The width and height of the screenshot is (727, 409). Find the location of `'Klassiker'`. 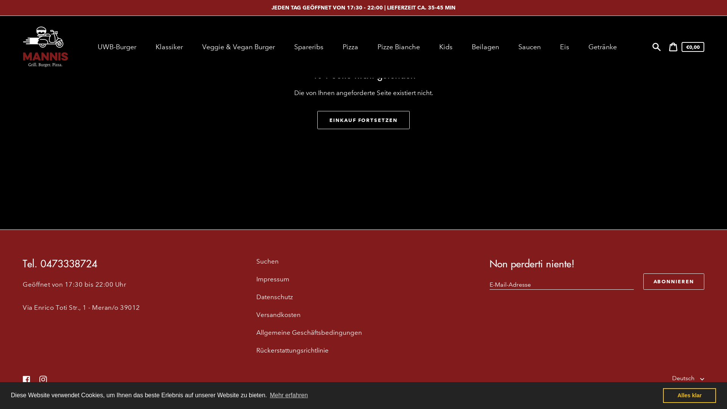

'Klassiker' is located at coordinates (170, 47).